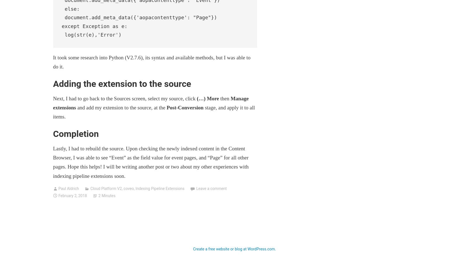 The height and width of the screenshot is (268, 469). I want to click on 'Next, I had to go back to the Sources screen, select my source, click ​', so click(125, 98).